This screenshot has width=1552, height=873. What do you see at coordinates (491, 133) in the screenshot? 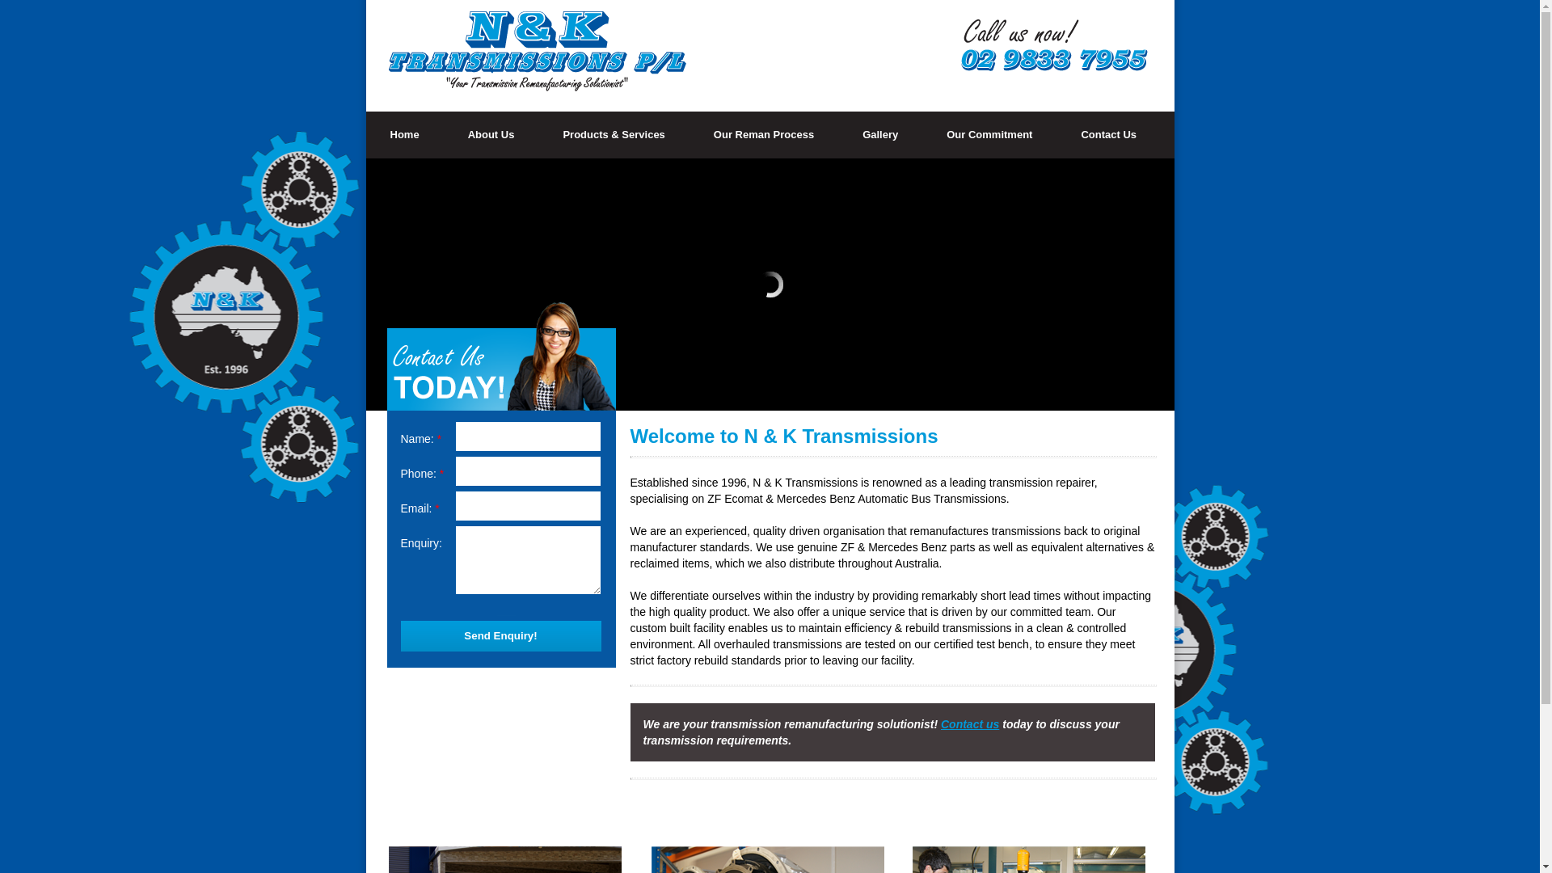
I see `'About Us'` at bounding box center [491, 133].